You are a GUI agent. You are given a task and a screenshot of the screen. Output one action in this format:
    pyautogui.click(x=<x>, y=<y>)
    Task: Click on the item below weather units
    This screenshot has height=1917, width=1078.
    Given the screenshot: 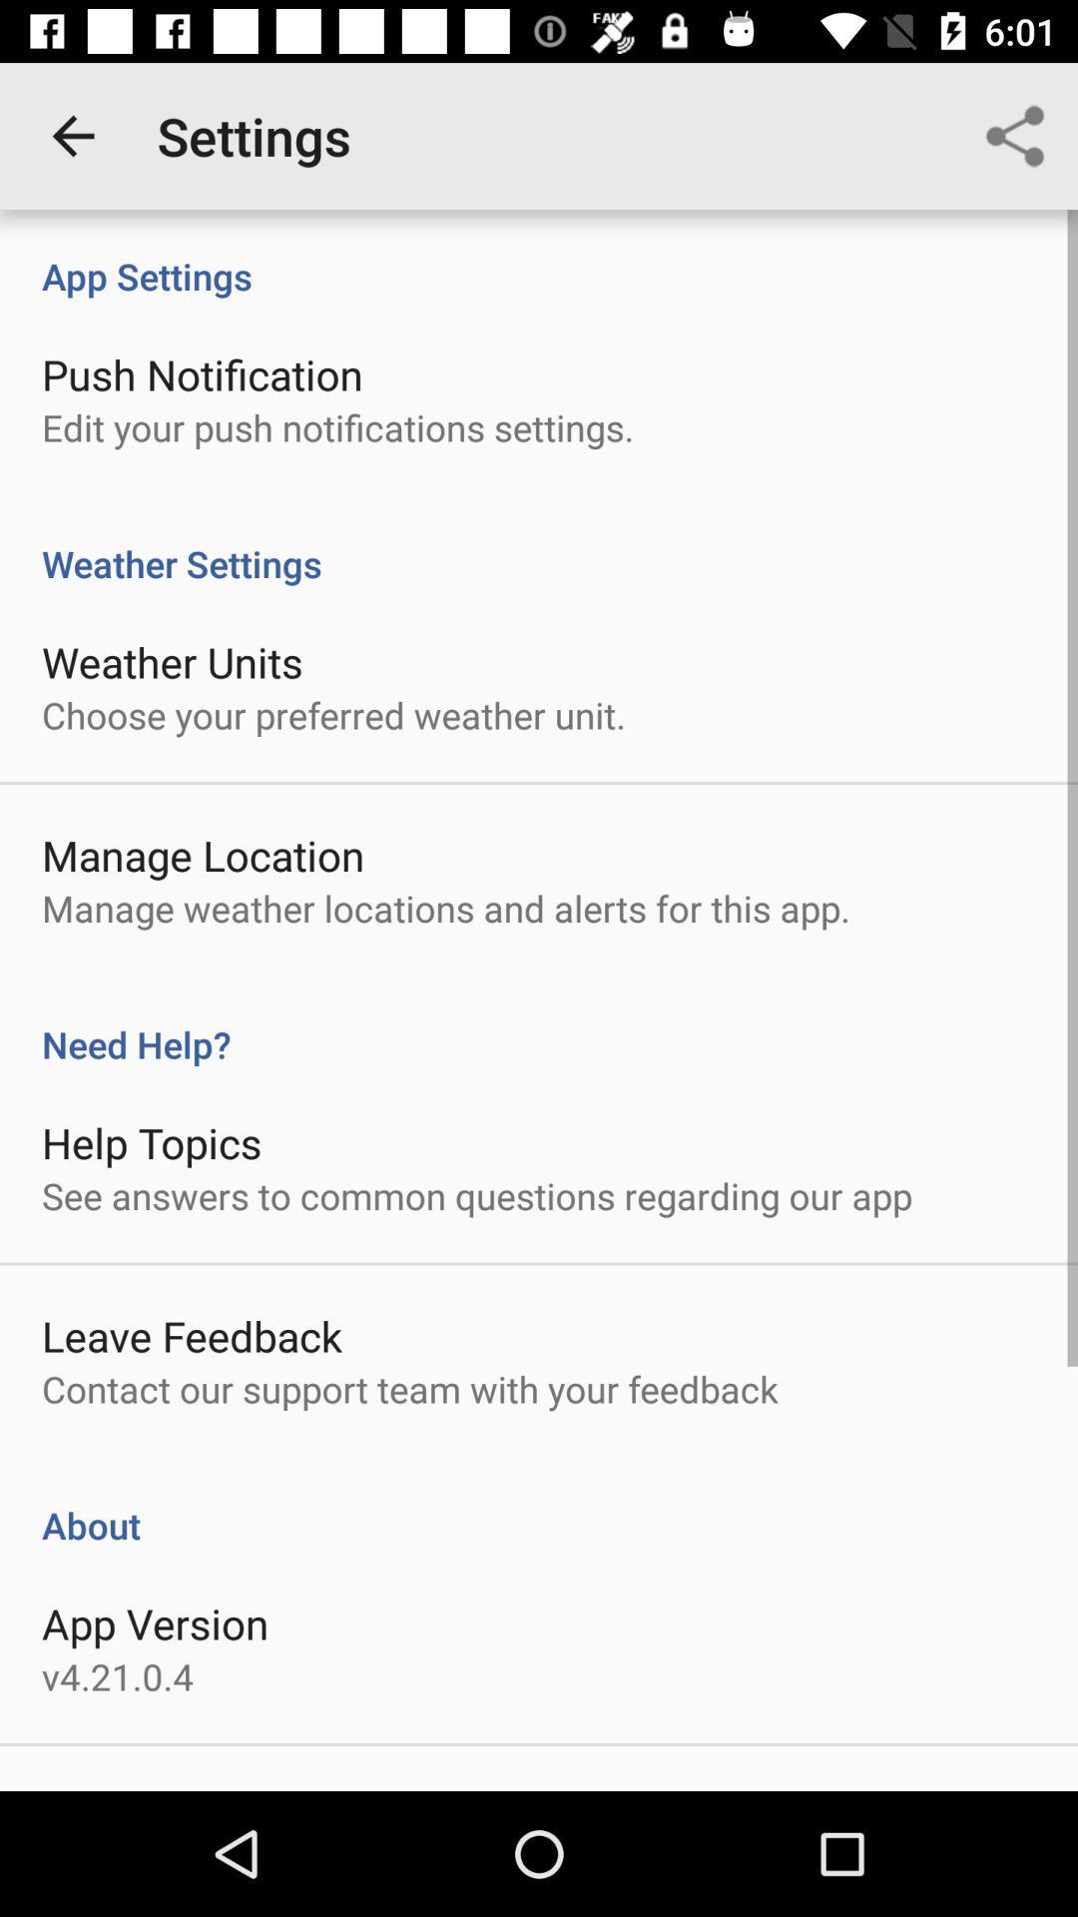 What is the action you would take?
    pyautogui.click(x=332, y=715)
    